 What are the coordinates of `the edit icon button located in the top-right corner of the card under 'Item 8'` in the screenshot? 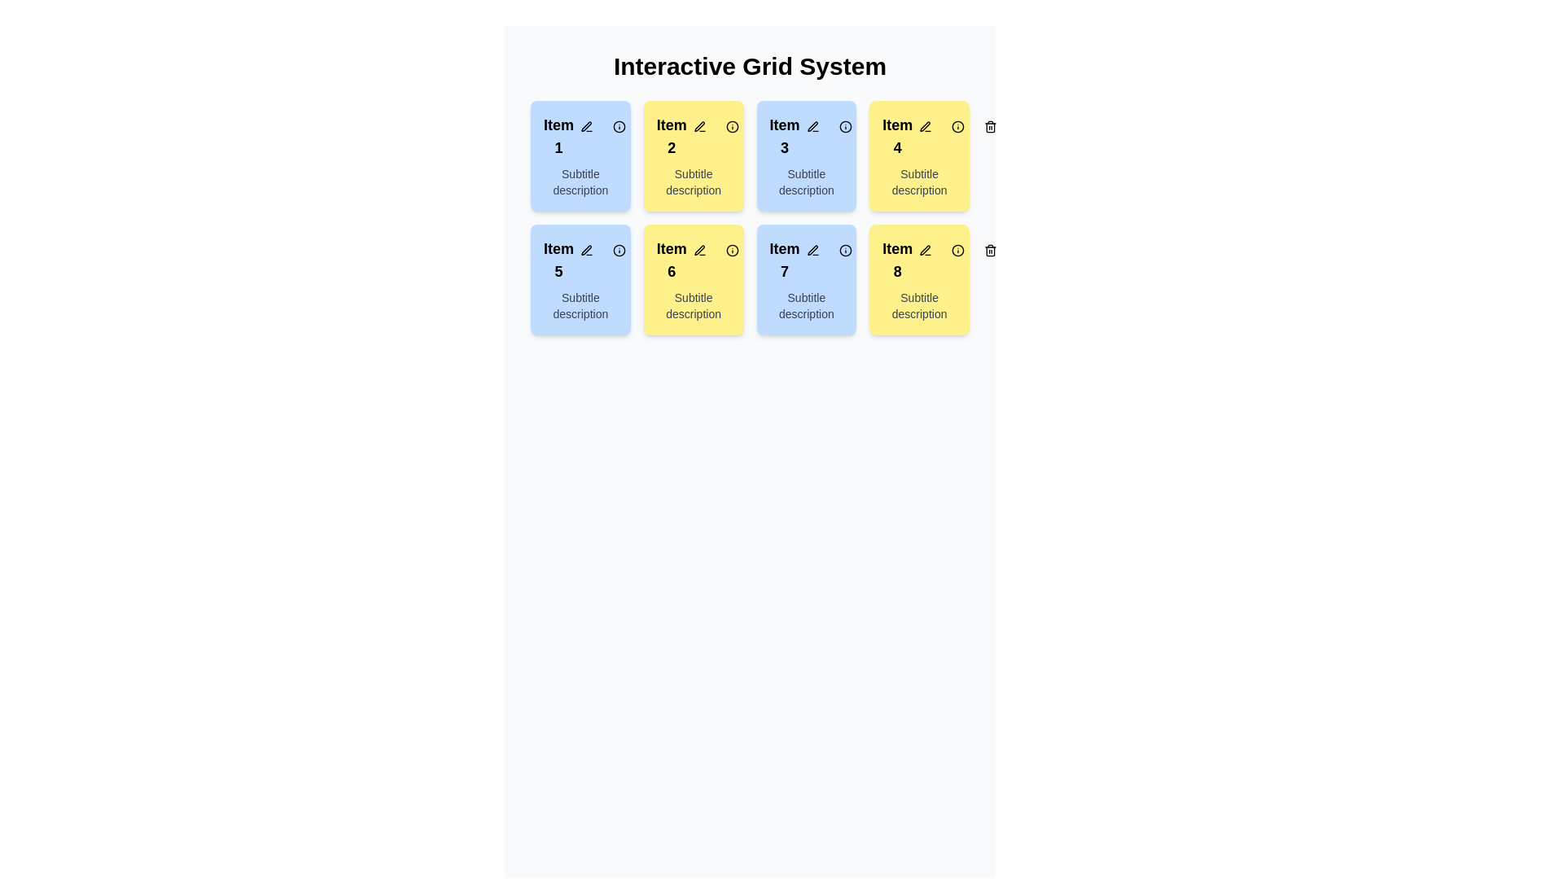 It's located at (926, 251).